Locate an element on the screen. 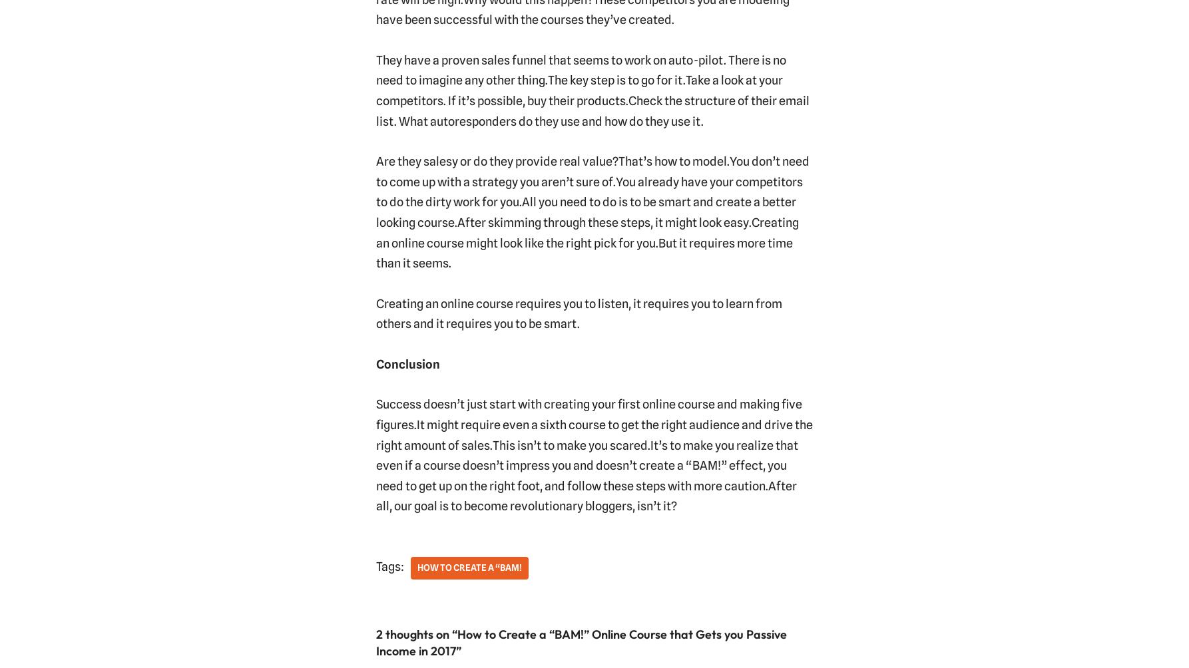 The image size is (1189, 668). 'How to Create a “BAM!' is located at coordinates (416, 567).